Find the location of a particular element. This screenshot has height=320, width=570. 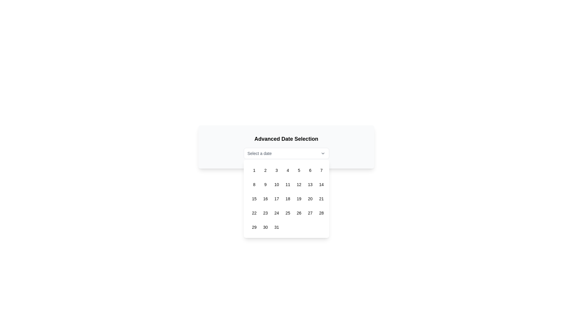

the square-shaped button displaying the number '17' is located at coordinates (276, 199).